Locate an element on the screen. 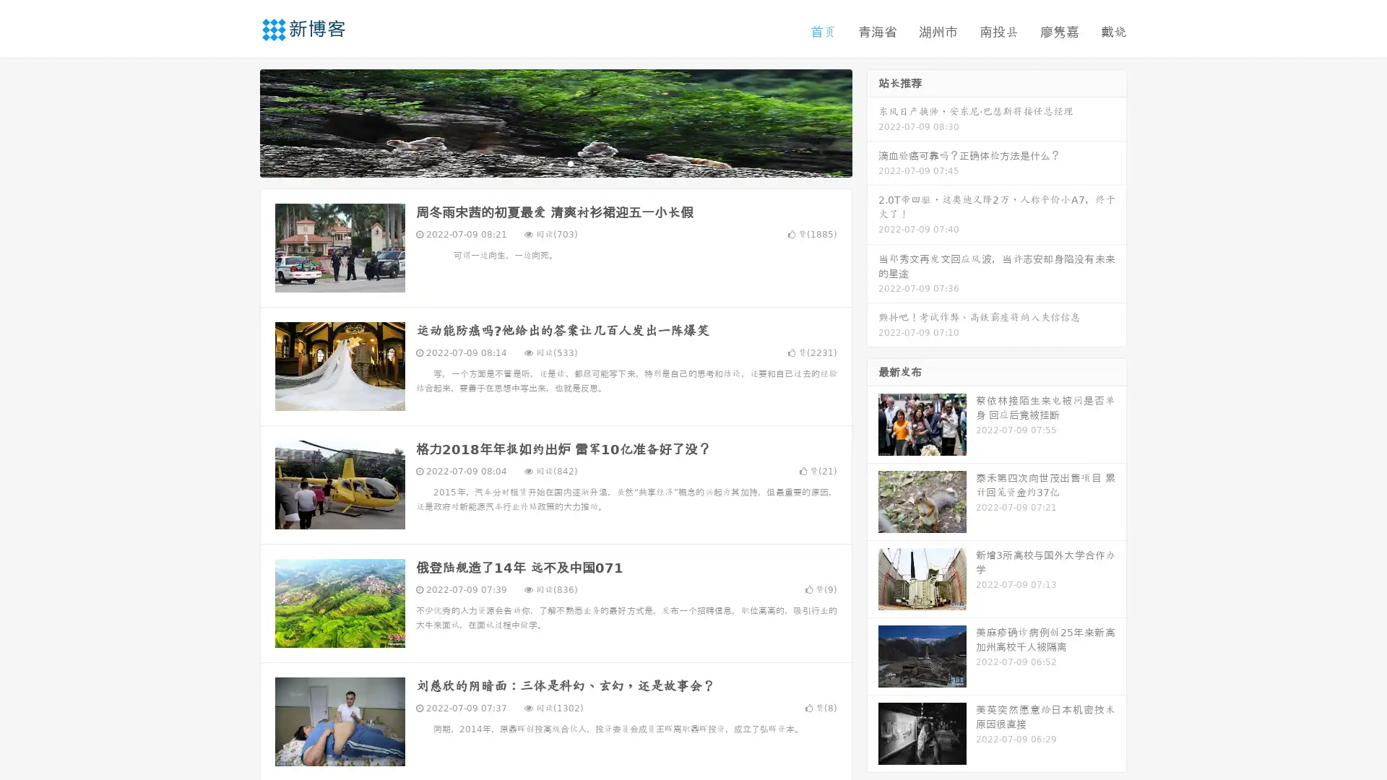 This screenshot has width=1387, height=780. Previous slide is located at coordinates (238, 121).